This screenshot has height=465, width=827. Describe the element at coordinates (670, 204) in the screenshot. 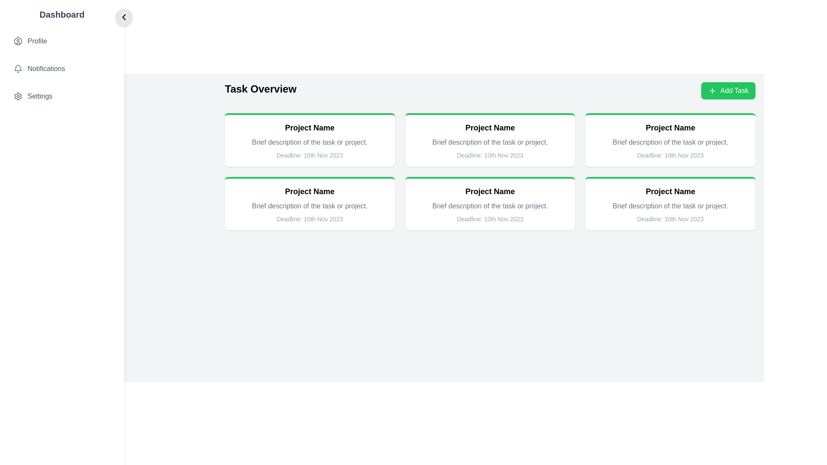

I see `the informational card component that displays project details, located in the bottom-right corner of the grid layout` at that location.